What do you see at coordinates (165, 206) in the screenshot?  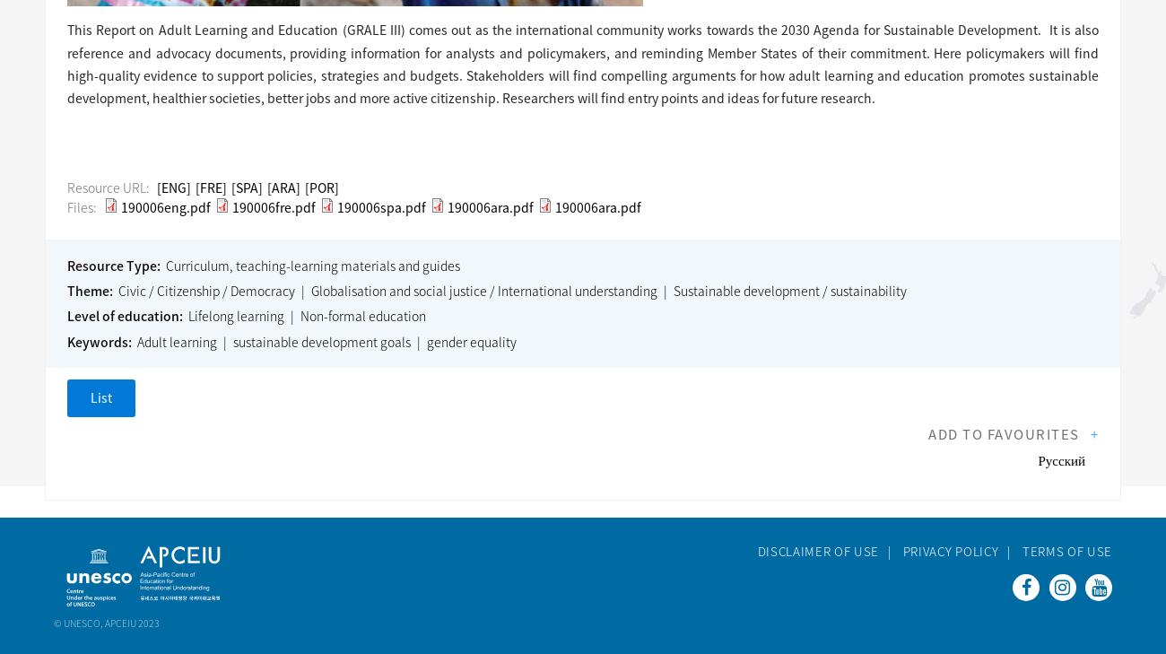 I see `'190006eng.pdf'` at bounding box center [165, 206].